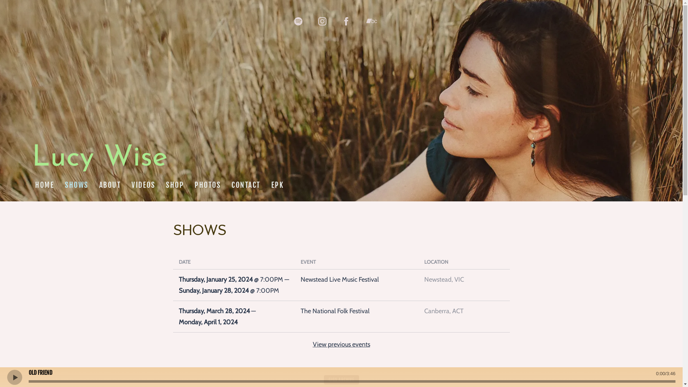  Describe the element at coordinates (371, 20) in the screenshot. I see `'https://lucywise.bandcamp.com/'` at that location.